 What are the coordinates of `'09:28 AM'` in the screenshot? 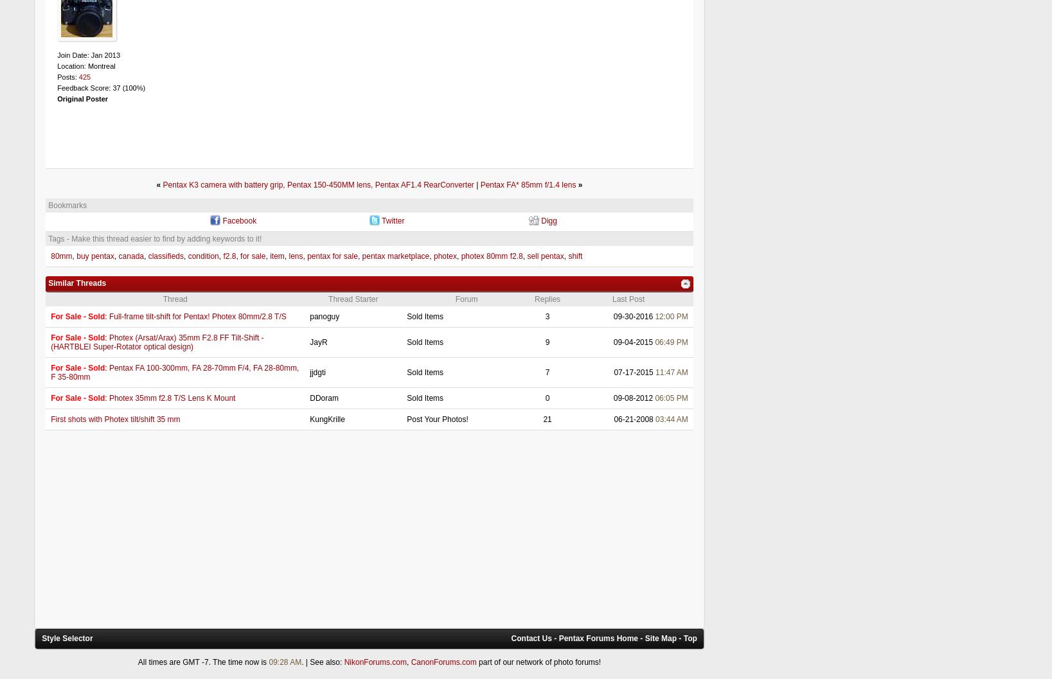 It's located at (285, 661).